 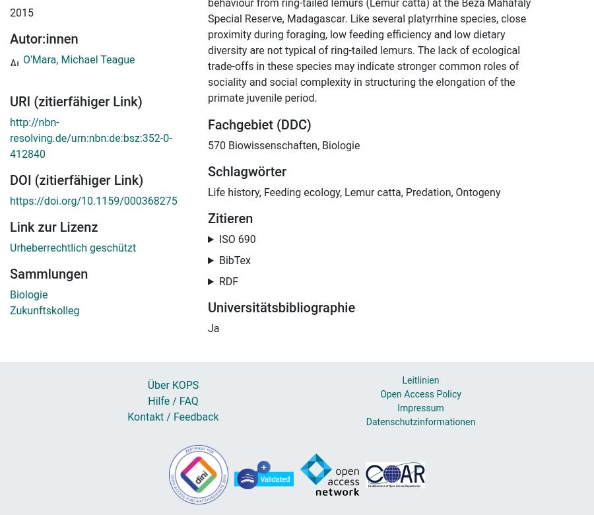 I want to click on 'DOI (zitierfähiger Link)', so click(x=77, y=180).